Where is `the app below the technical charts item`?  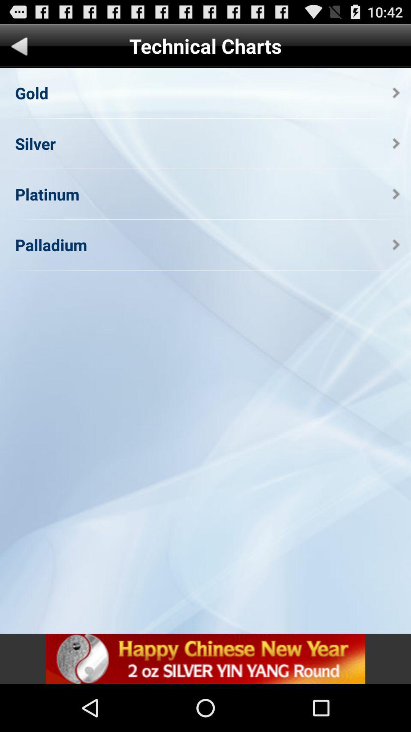 the app below the technical charts item is located at coordinates (396, 92).